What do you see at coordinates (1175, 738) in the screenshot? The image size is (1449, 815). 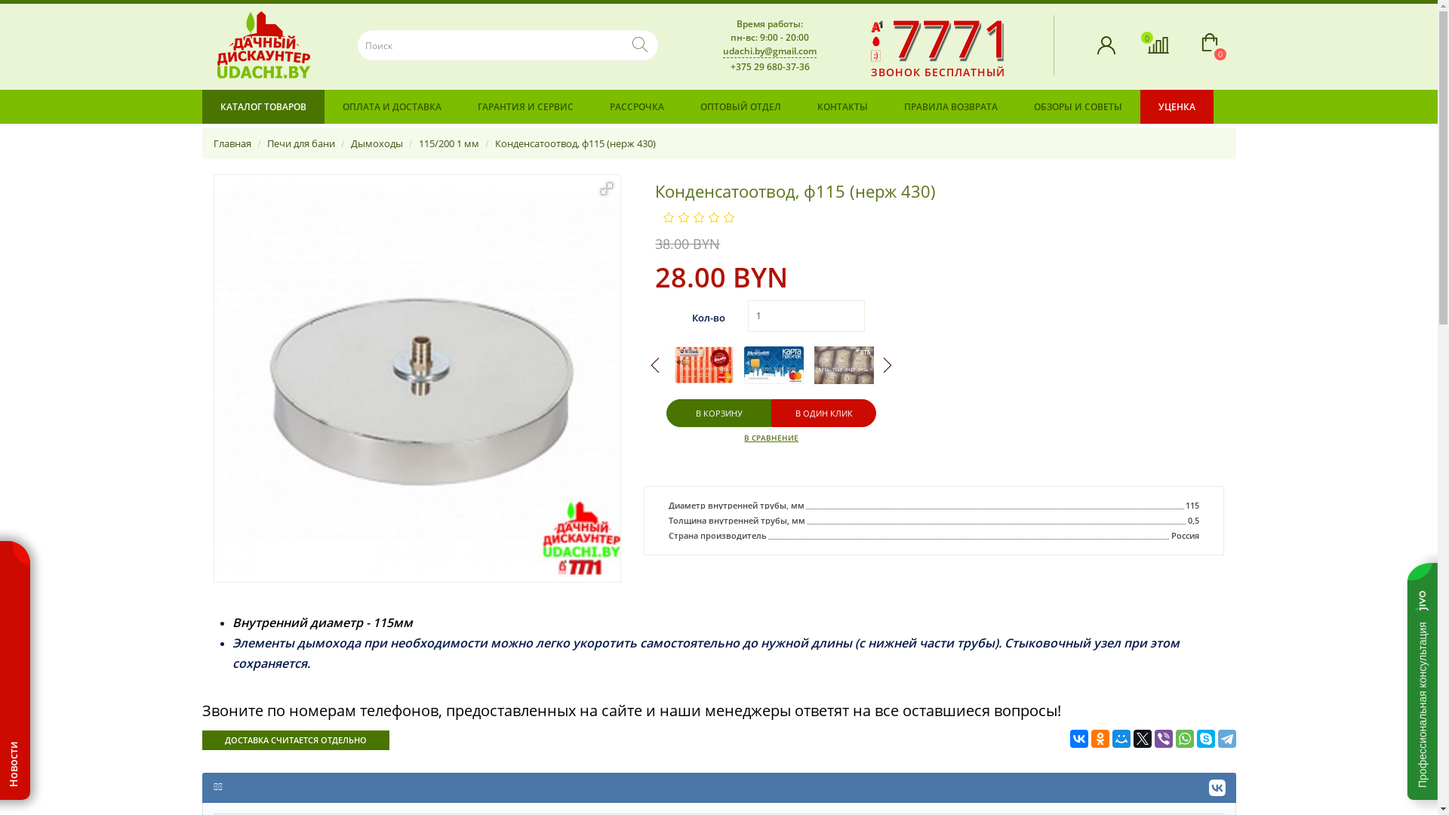 I see `'WhatsApp'` at bounding box center [1175, 738].